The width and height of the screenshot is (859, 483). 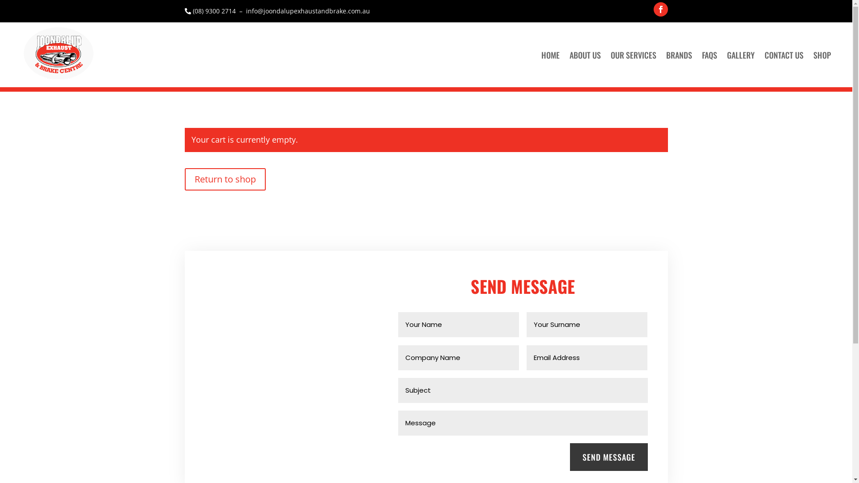 What do you see at coordinates (660, 9) in the screenshot?
I see `'Follow on Facebook'` at bounding box center [660, 9].